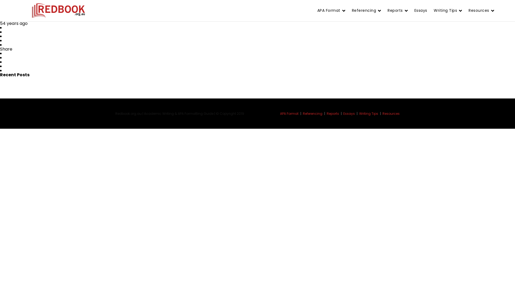 This screenshot has height=289, width=515. What do you see at coordinates (290, 113) in the screenshot?
I see `'APA Format'` at bounding box center [290, 113].